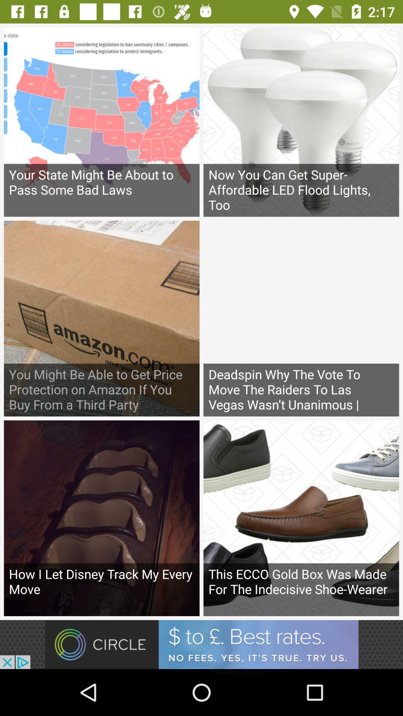 The height and width of the screenshot is (716, 403). Describe the element at coordinates (301, 518) in the screenshot. I see `the second image which is in the third row` at that location.